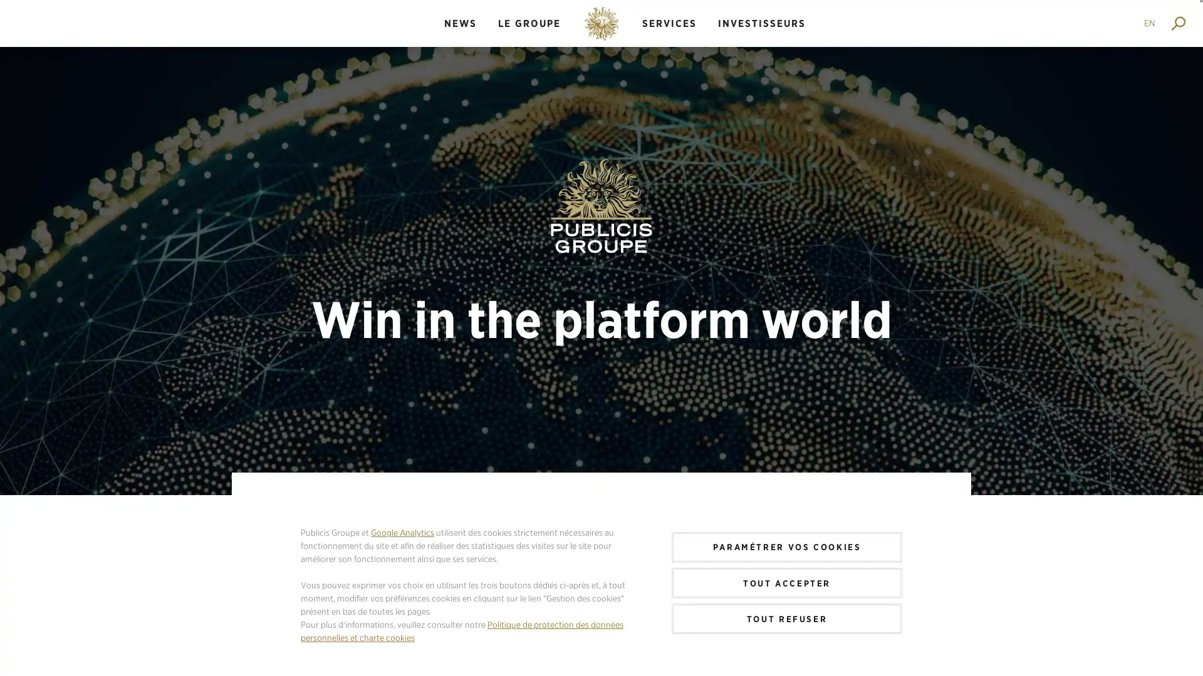 The height and width of the screenshot is (676, 1203). What do you see at coordinates (786, 582) in the screenshot?
I see `TOUT ACCEPTER TOUT ACCEPTER` at bounding box center [786, 582].